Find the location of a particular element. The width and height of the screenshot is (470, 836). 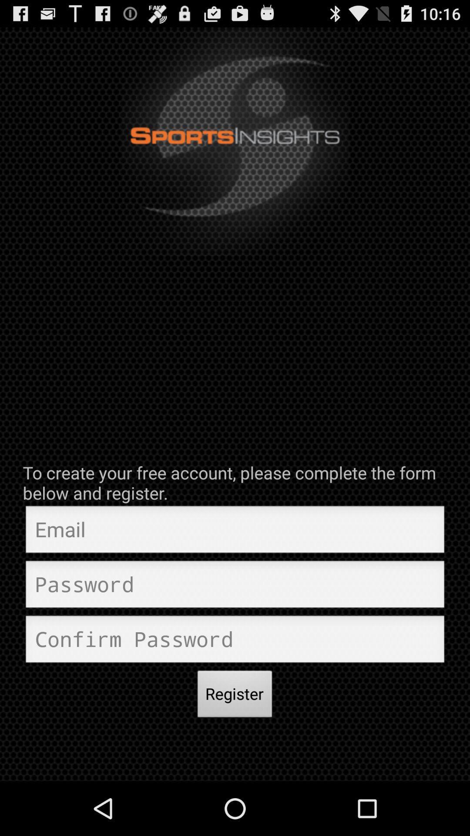

password is located at coordinates (235, 587).